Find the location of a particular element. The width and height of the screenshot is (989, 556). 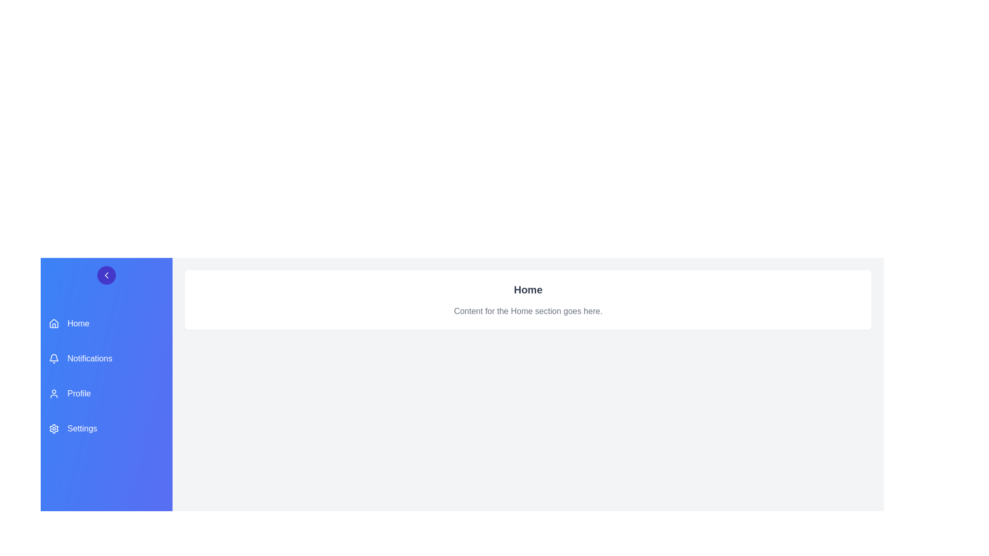

the home icon located in the sidebar, which is a vector graphic in the shape of a house, positioned next to the text 'Home.' is located at coordinates (54, 323).